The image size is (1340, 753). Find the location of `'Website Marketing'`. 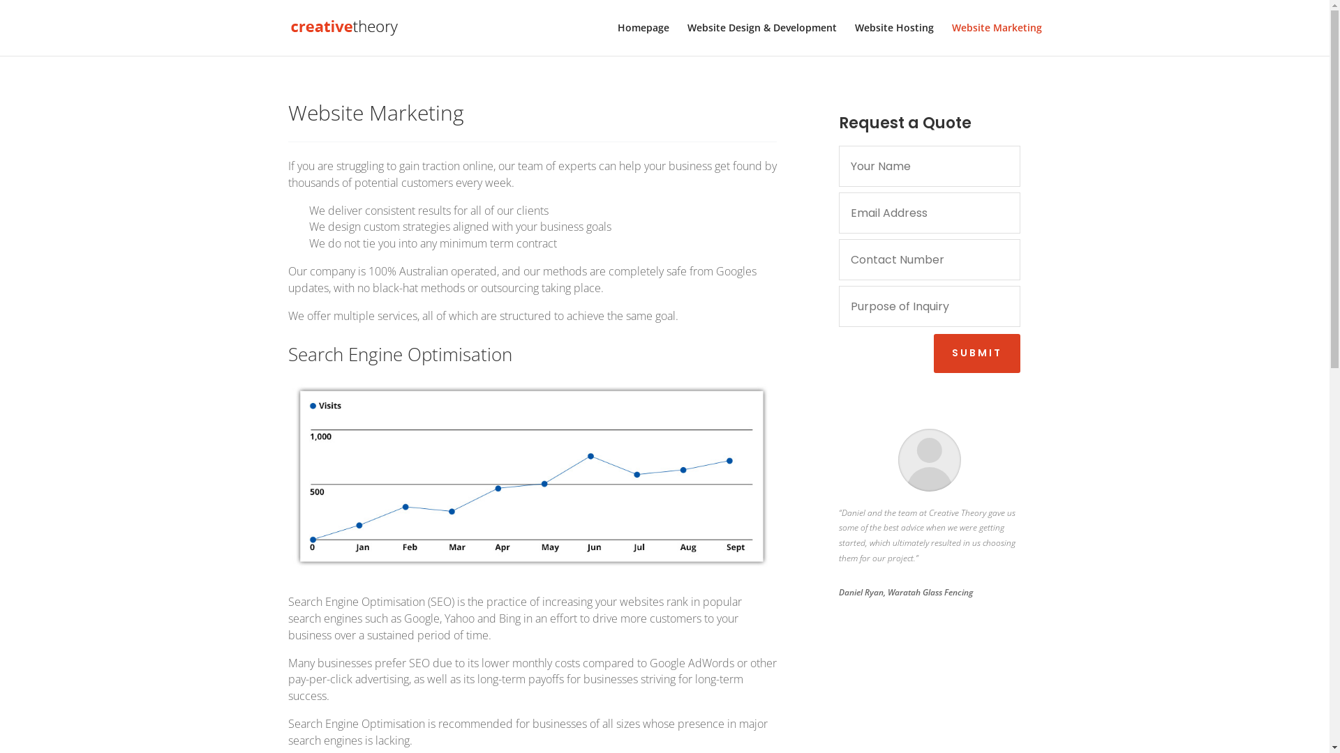

'Website Marketing' is located at coordinates (996, 38).